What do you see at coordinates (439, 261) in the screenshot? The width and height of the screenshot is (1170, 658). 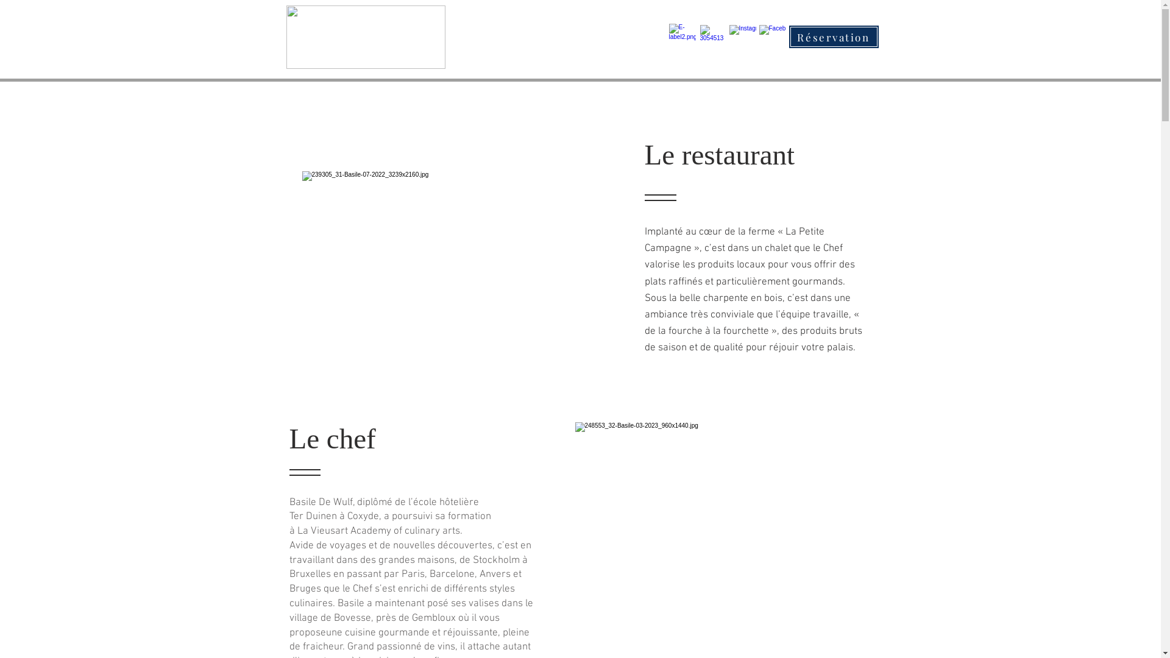 I see `'9c138c_15e0ebe59b7a4f65b59ad025ed4df9d5~mv2.jpg'` at bounding box center [439, 261].